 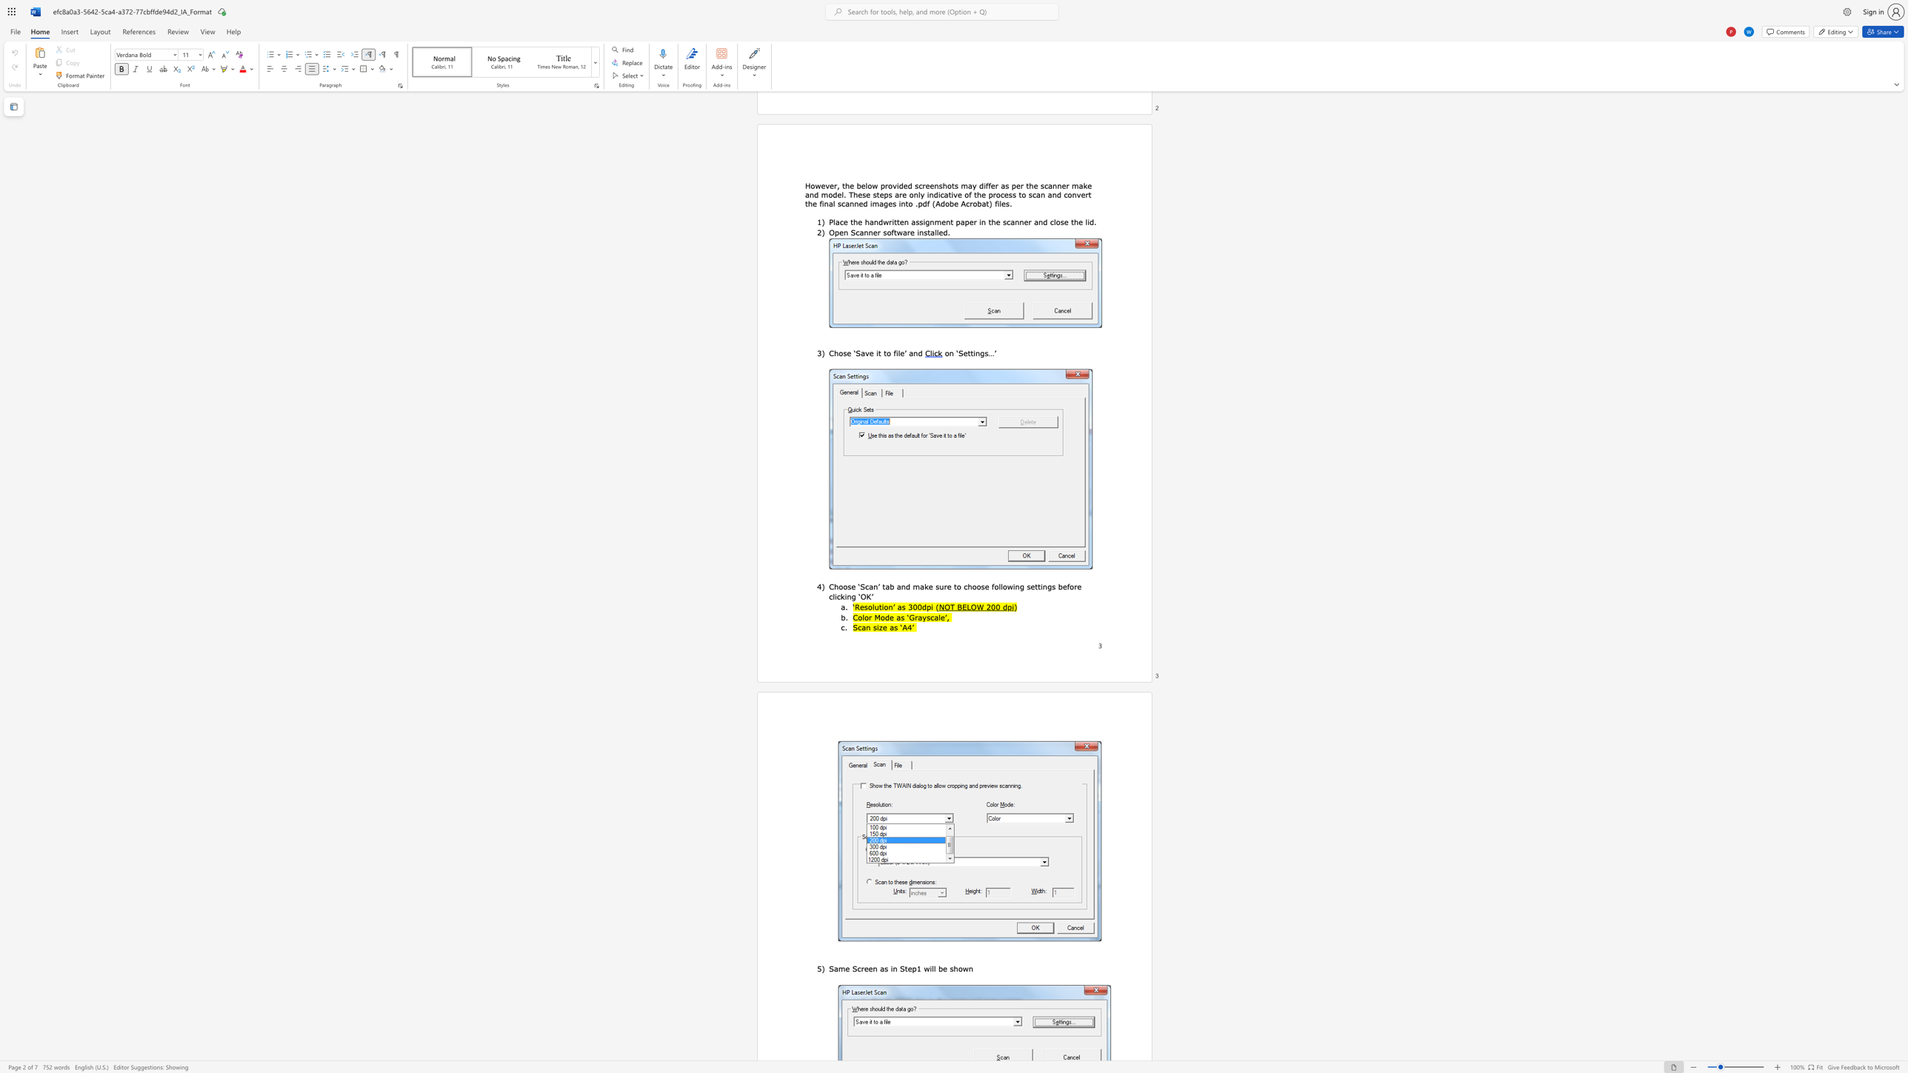 I want to click on the subset text "iz" within the text "Scan size as ‘A4’", so click(x=876, y=627).